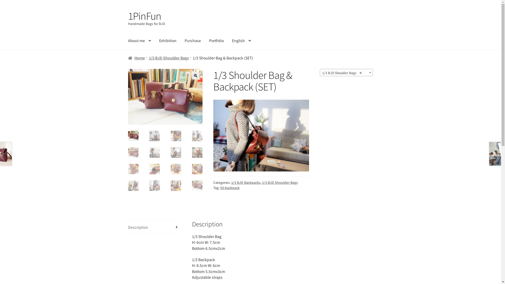 The width and height of the screenshot is (505, 284). I want to click on '1/3 BJD Shoulder Bags', so click(280, 182).